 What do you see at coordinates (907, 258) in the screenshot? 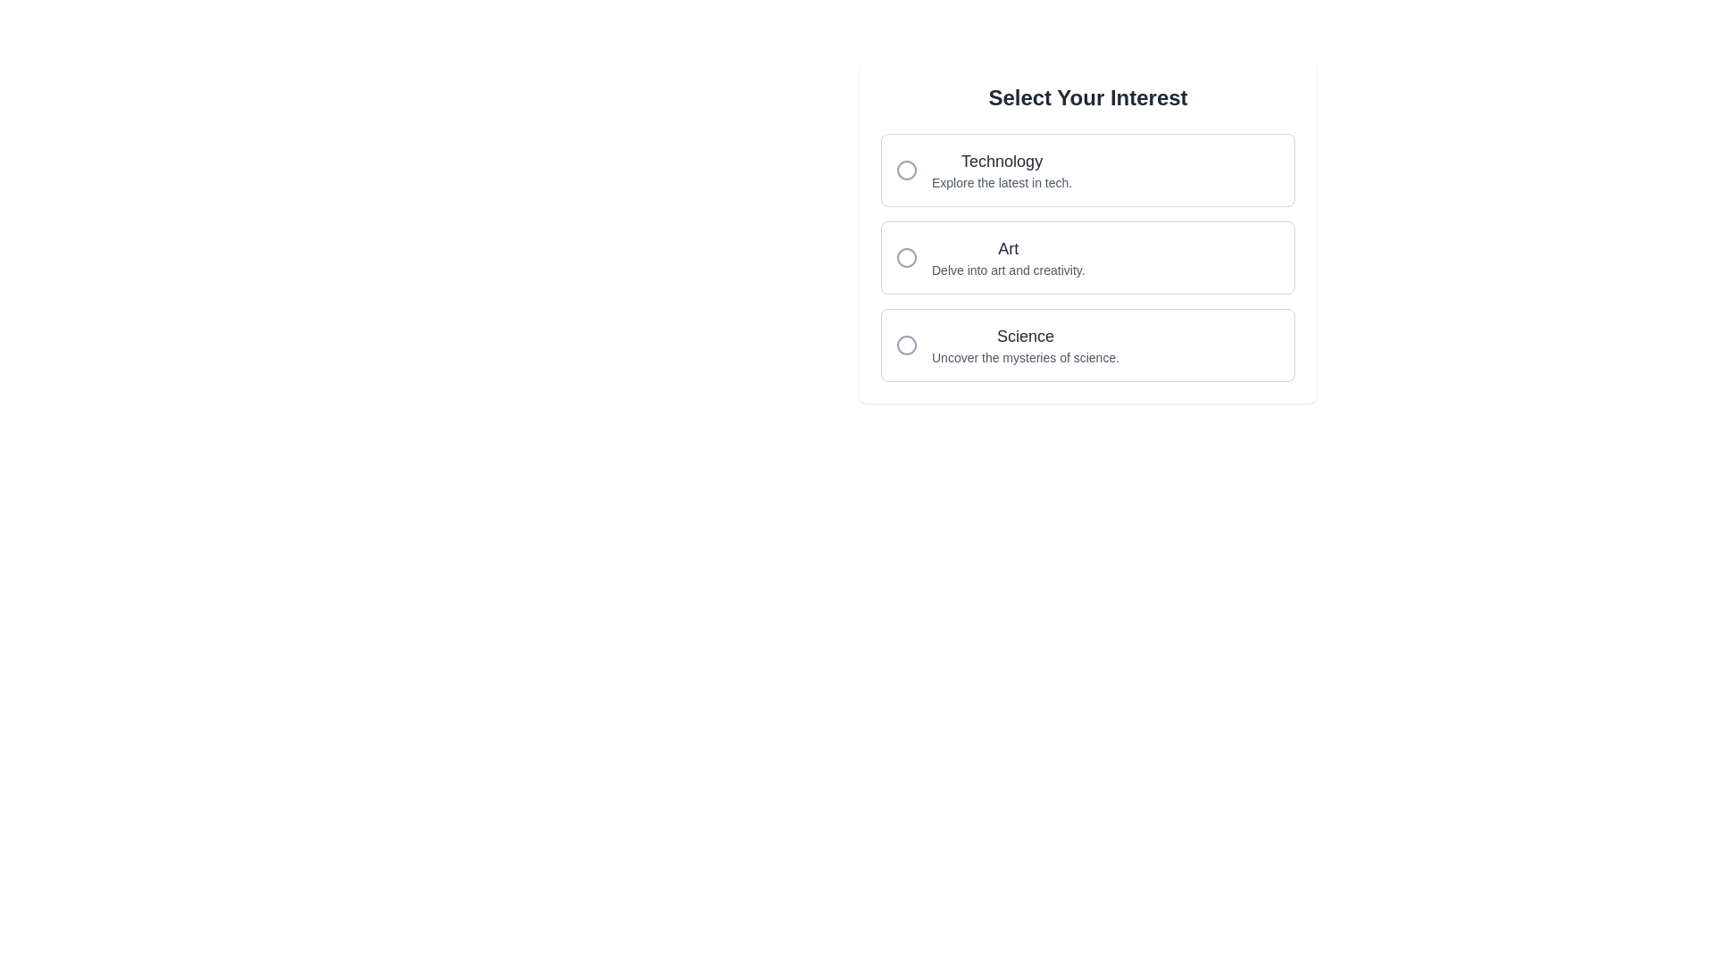
I see `the unselected radio button on the left side of the 'Art' option` at bounding box center [907, 258].